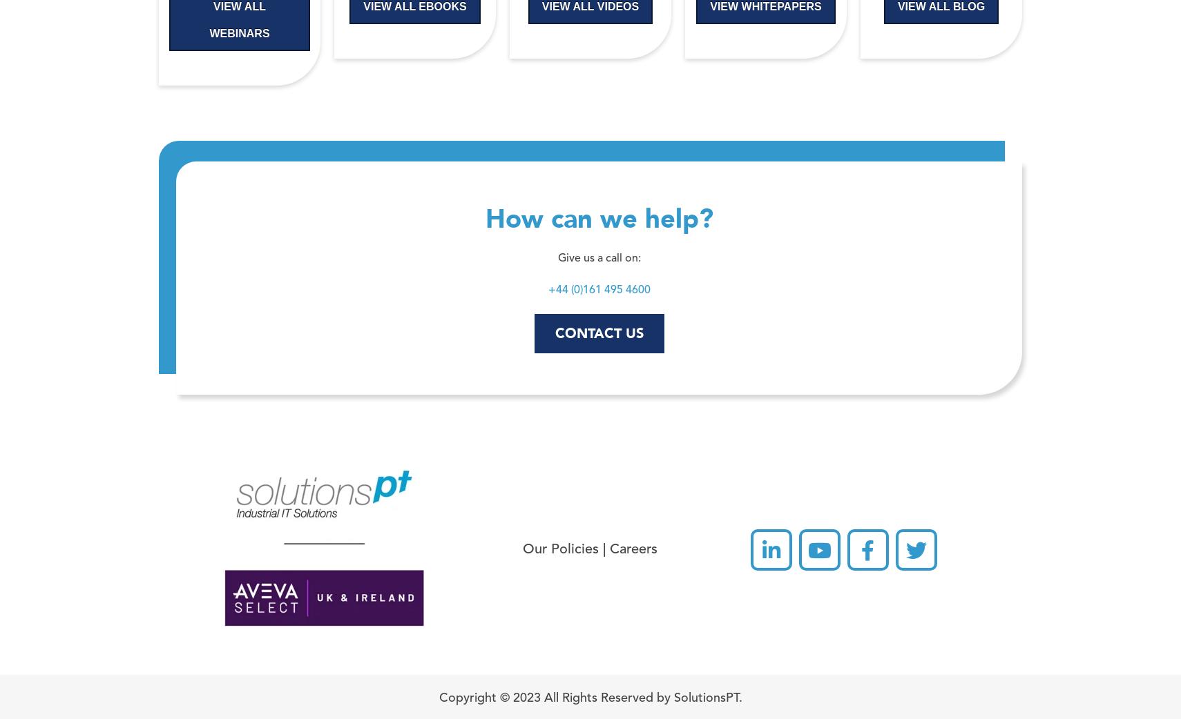 This screenshot has width=1181, height=719. I want to click on 'How can we help?', so click(484, 218).